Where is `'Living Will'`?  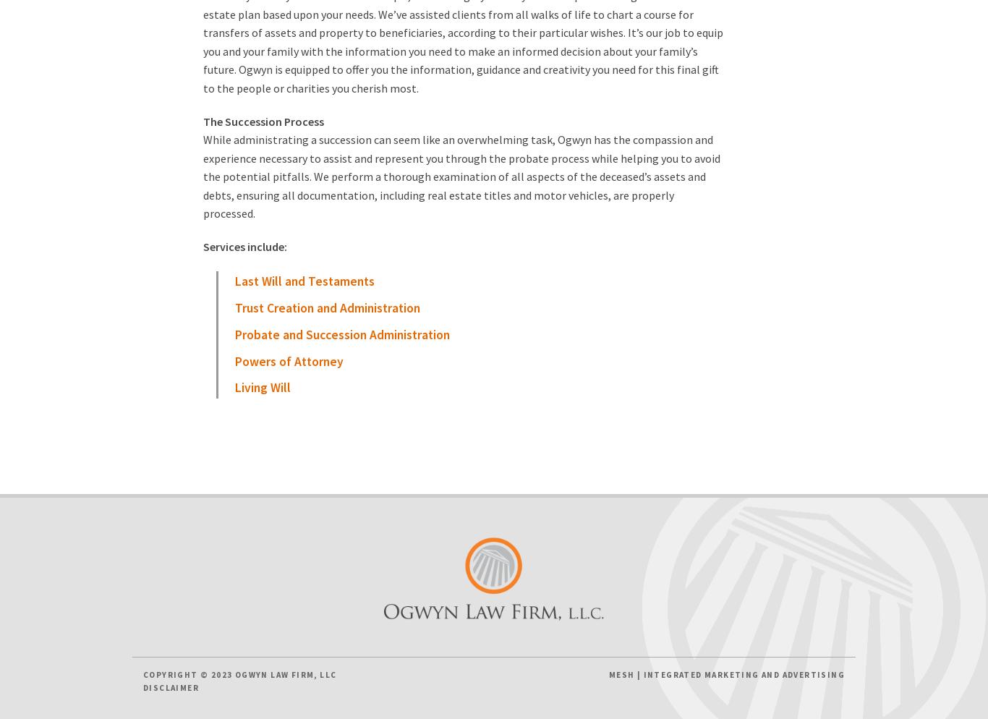 'Living Will' is located at coordinates (261, 386).